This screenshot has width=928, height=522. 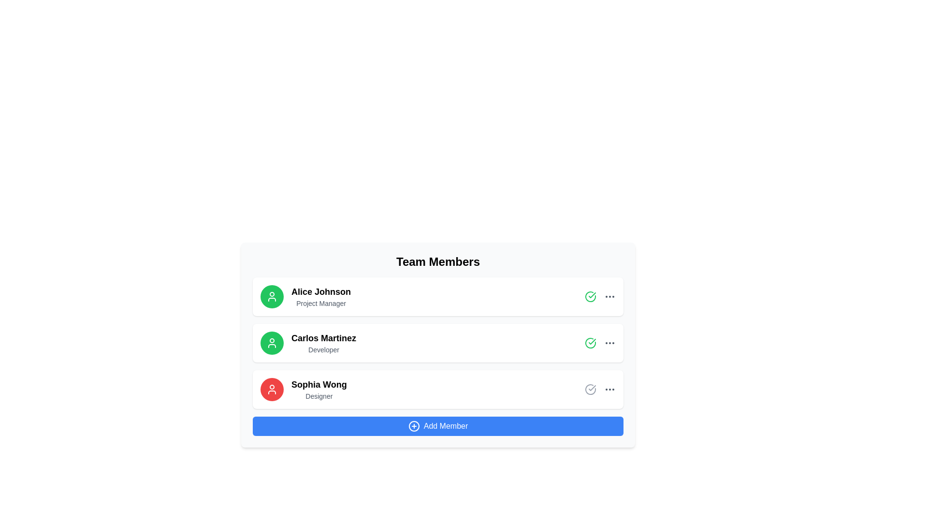 I want to click on the 'Team Members' text label, which is prominently styled in bold and large font at the top of the section, to trigger tooltips if applicable, so click(x=437, y=262).